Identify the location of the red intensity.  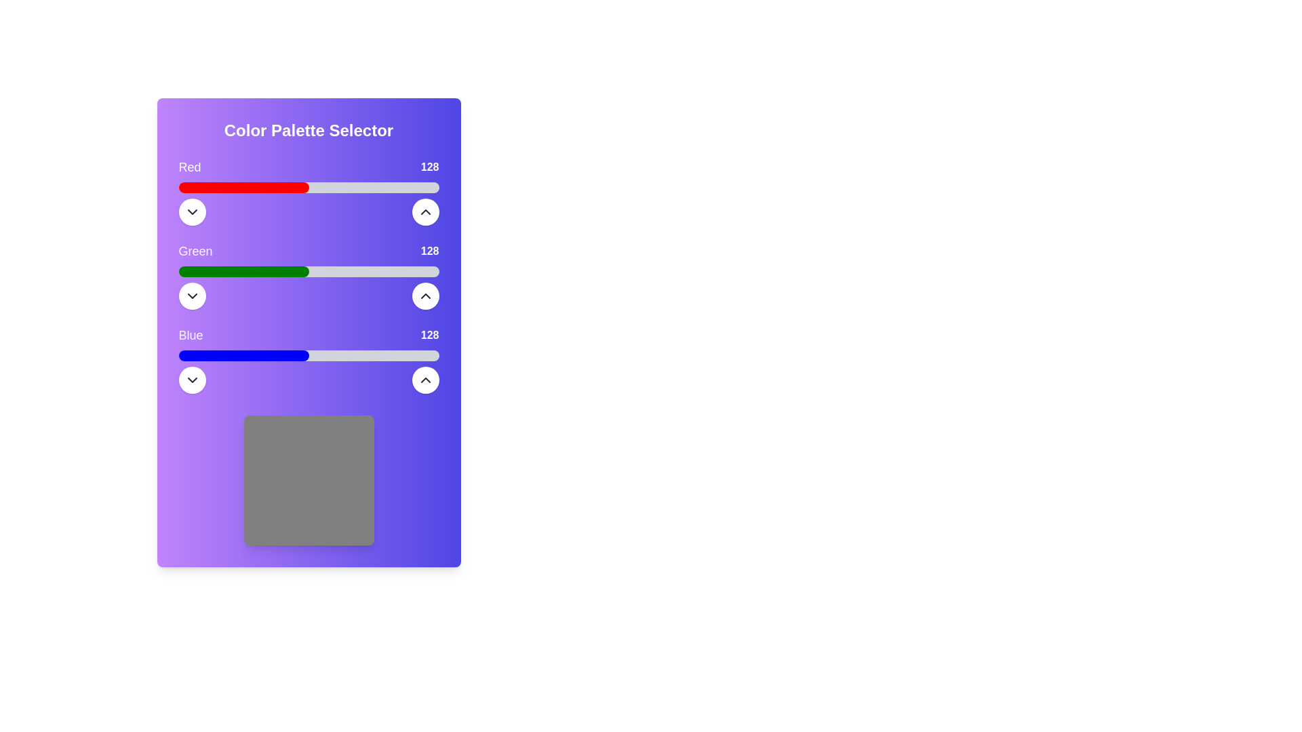
(274, 188).